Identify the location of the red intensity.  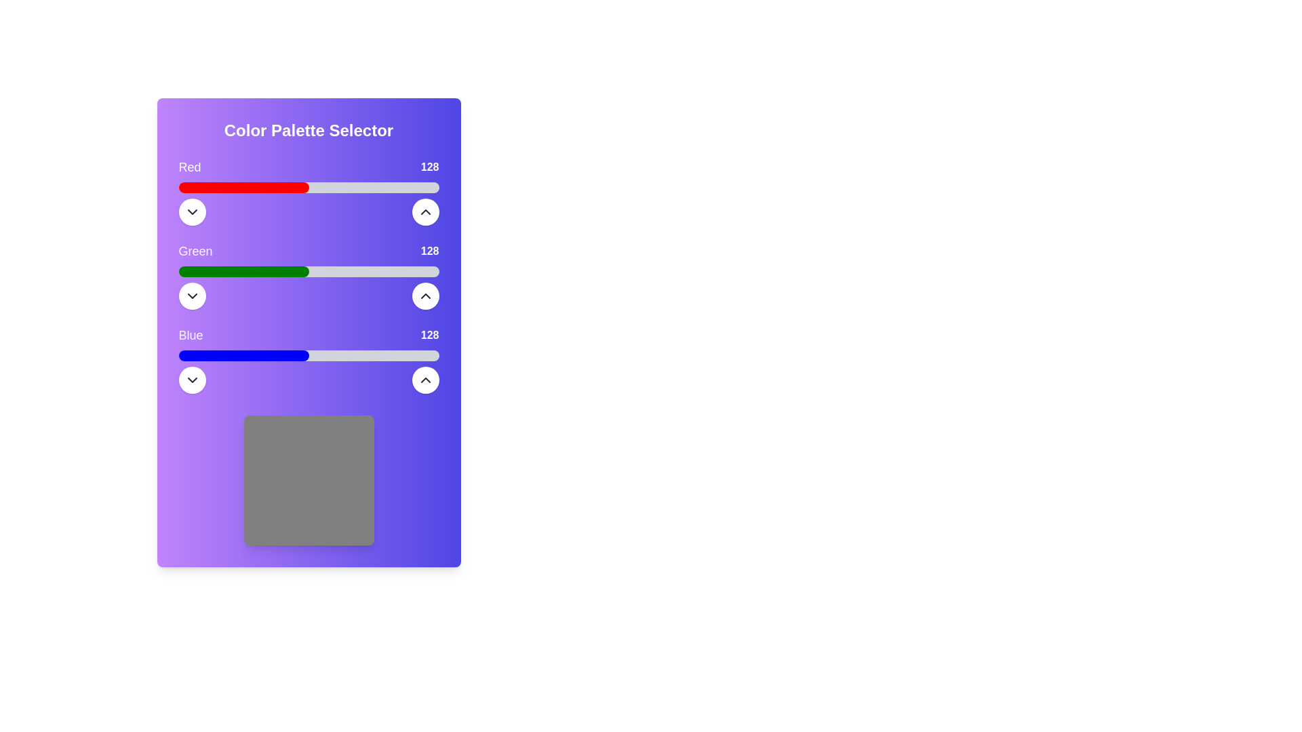
(274, 188).